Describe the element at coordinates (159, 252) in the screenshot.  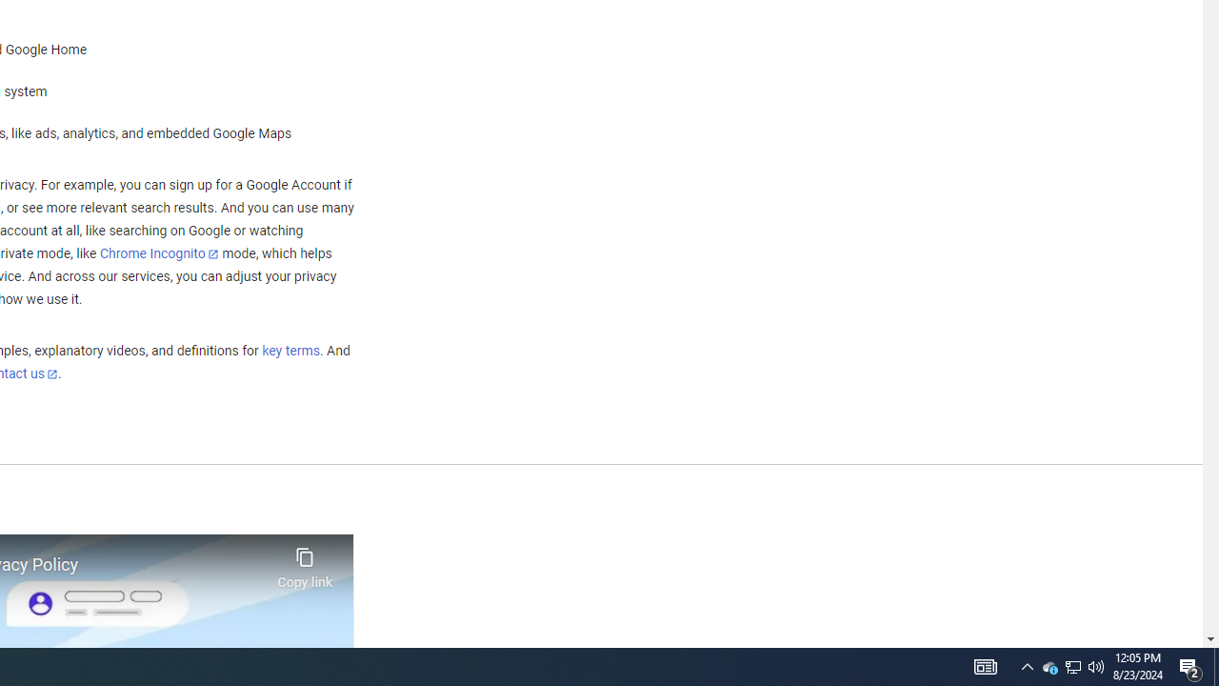
I see `'Chrome Incognito'` at that location.